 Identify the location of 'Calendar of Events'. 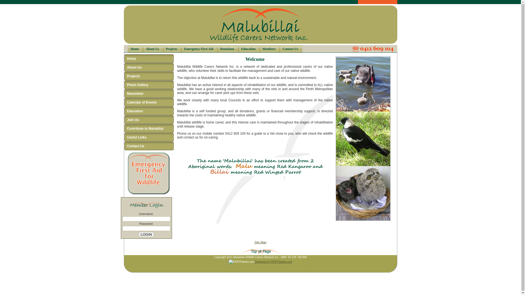
(148, 102).